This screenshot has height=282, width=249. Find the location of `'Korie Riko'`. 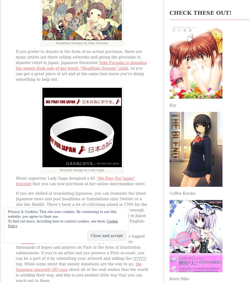

'Korie Riko' is located at coordinates (179, 279).